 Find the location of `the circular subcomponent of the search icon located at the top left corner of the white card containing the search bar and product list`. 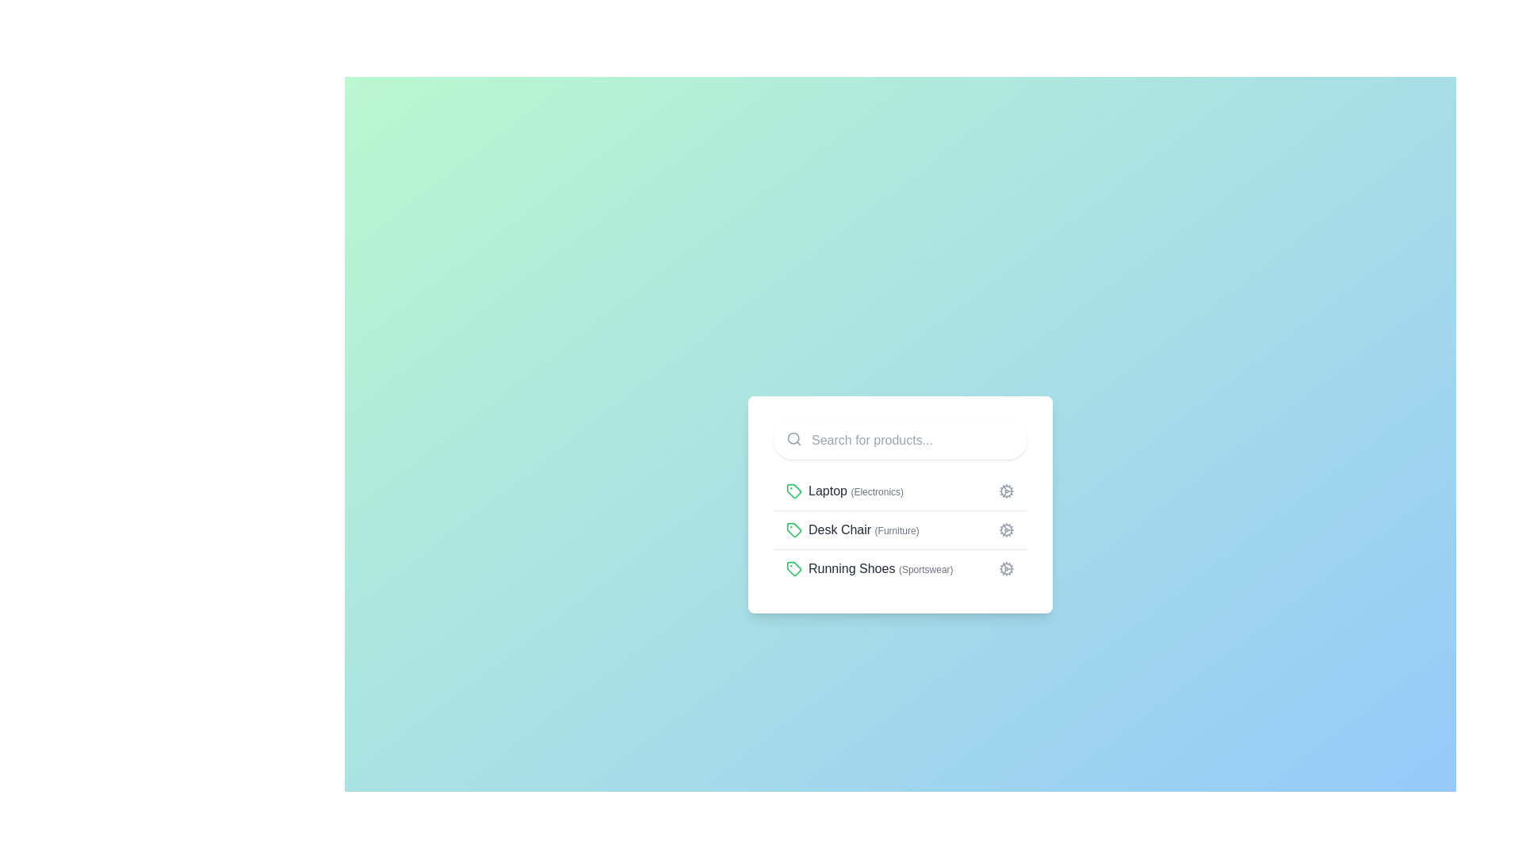

the circular subcomponent of the search icon located at the top left corner of the white card containing the search bar and product list is located at coordinates (794, 438).